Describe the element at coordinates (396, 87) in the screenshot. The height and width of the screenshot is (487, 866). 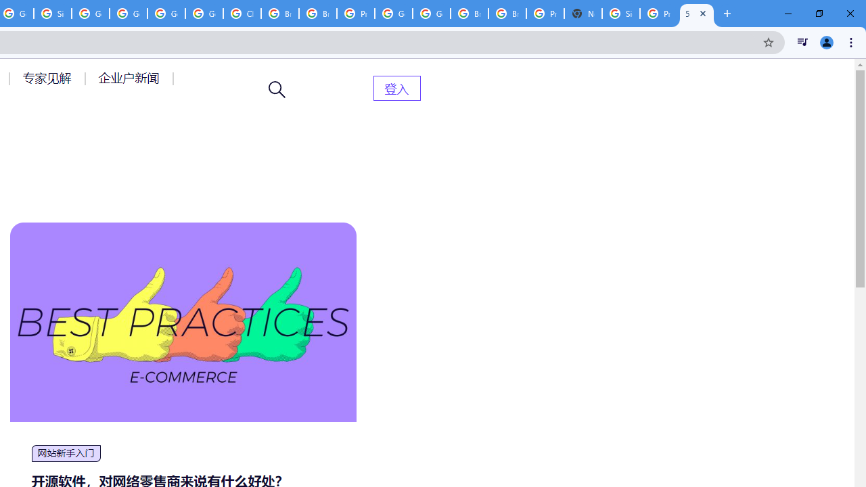
I see `'AutomationID: menu-item-82399'` at that location.